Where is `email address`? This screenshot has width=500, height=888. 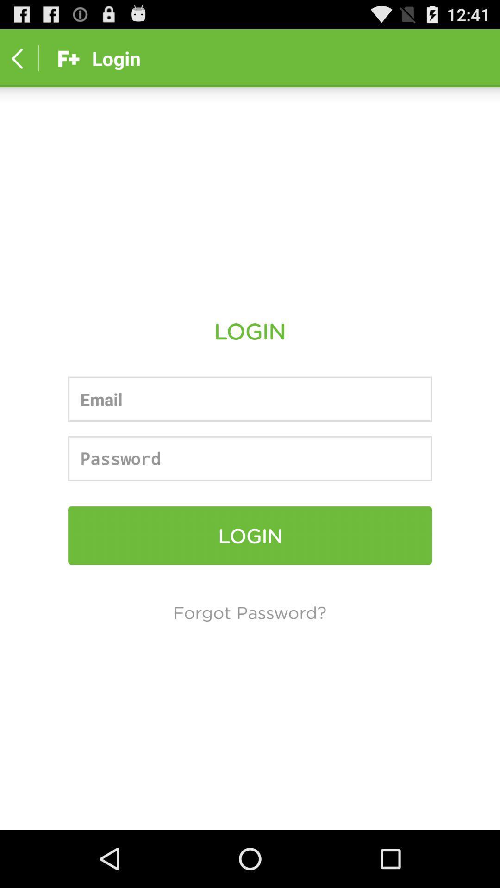
email address is located at coordinates (250, 399).